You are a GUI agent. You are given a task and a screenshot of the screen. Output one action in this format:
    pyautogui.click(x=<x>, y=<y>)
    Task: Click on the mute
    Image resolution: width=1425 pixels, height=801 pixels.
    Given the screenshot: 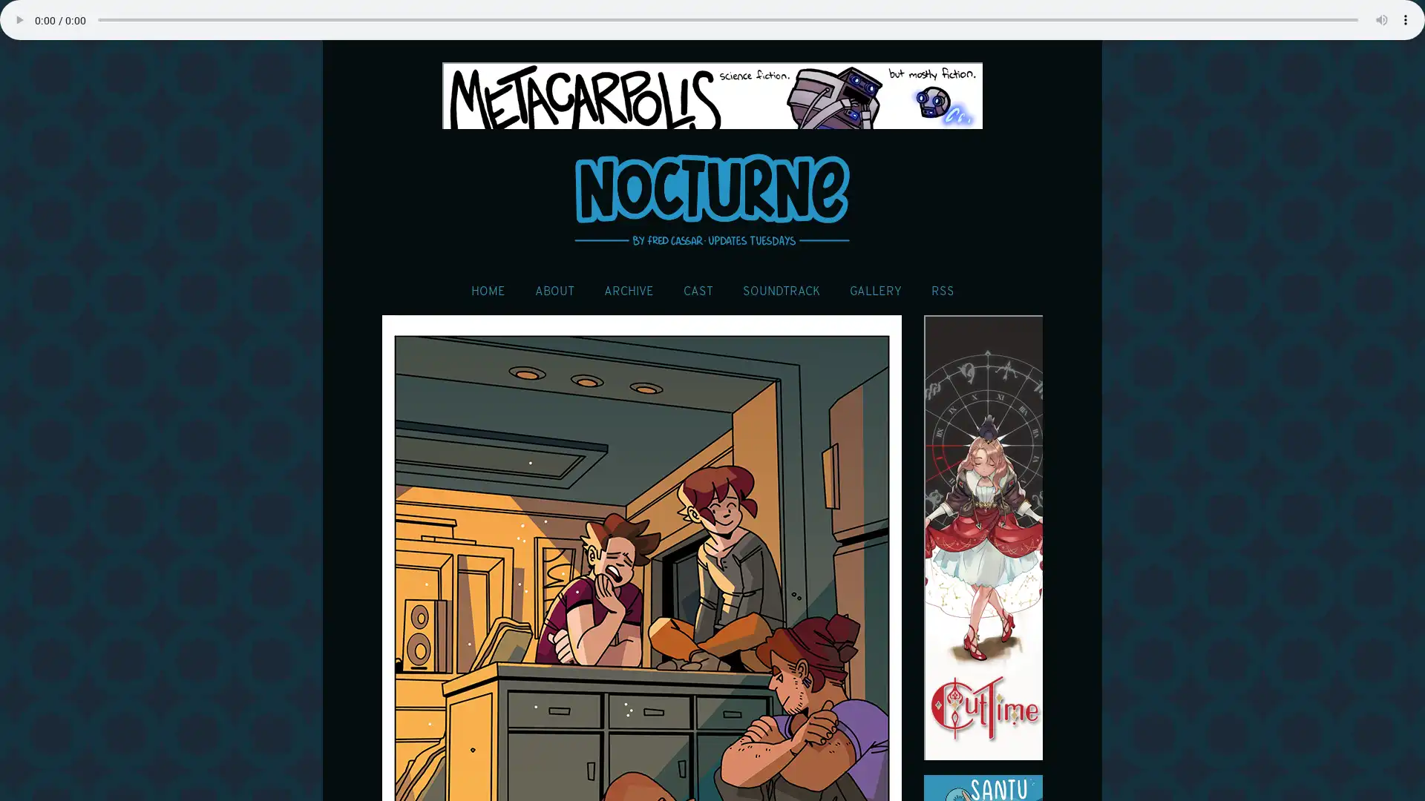 What is the action you would take?
    pyautogui.click(x=1381, y=20)
    